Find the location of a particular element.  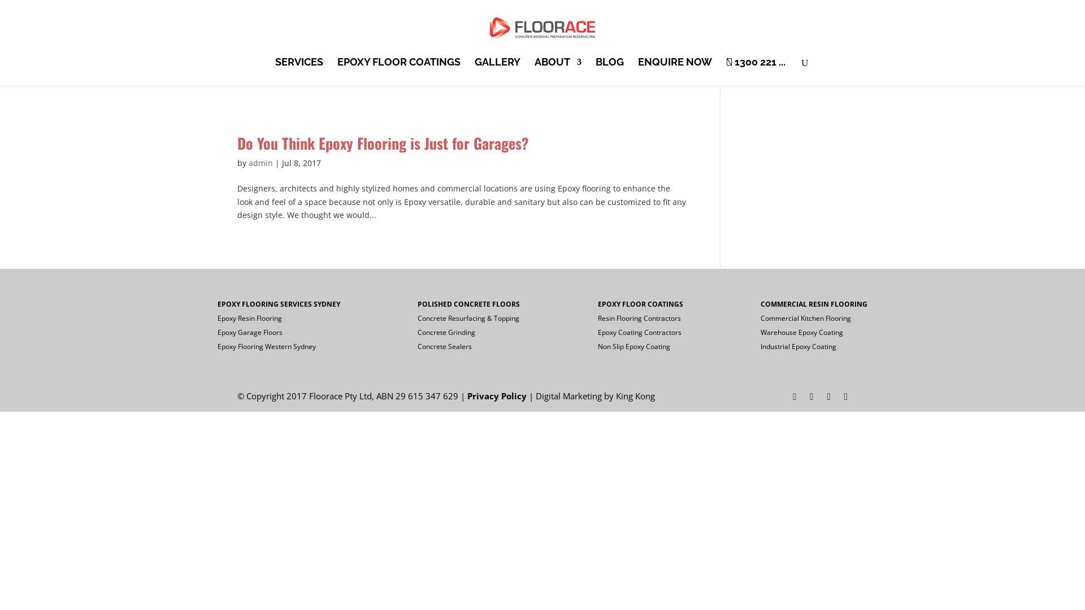

'BLOG' is located at coordinates (609, 72).